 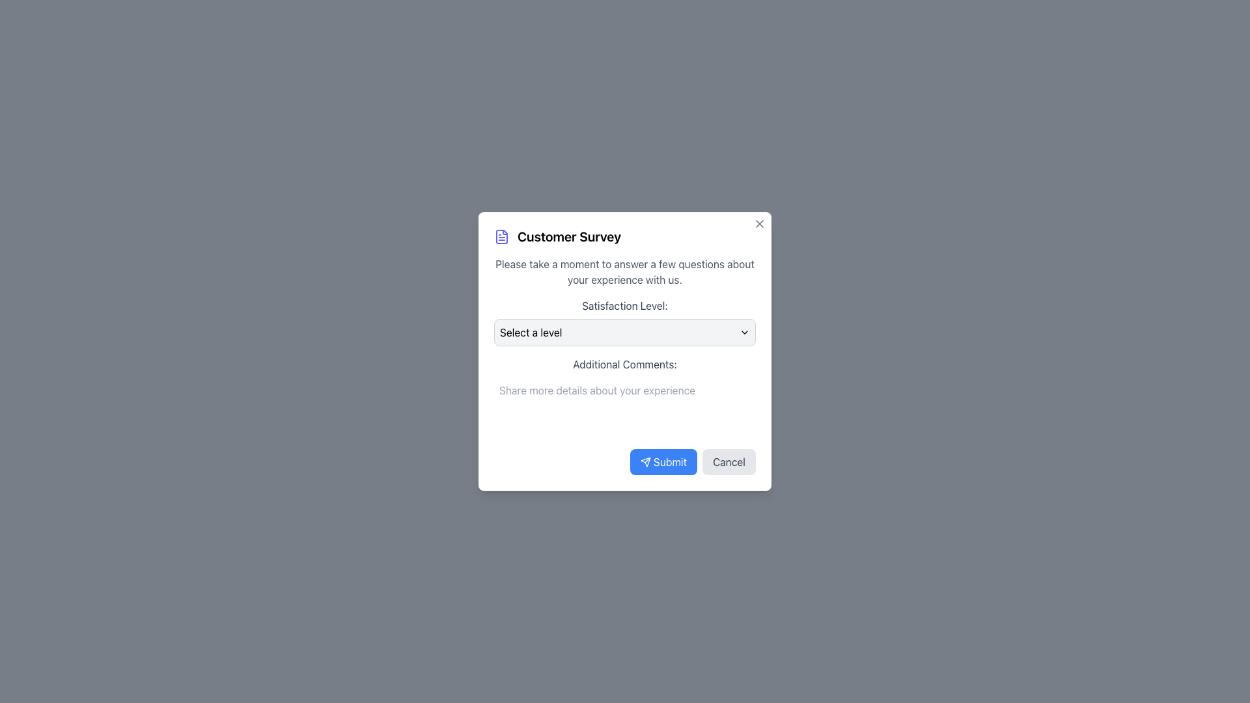 What do you see at coordinates (645, 461) in the screenshot?
I see `the paper airplane icon located on the left side of the 'Submit' button` at bounding box center [645, 461].